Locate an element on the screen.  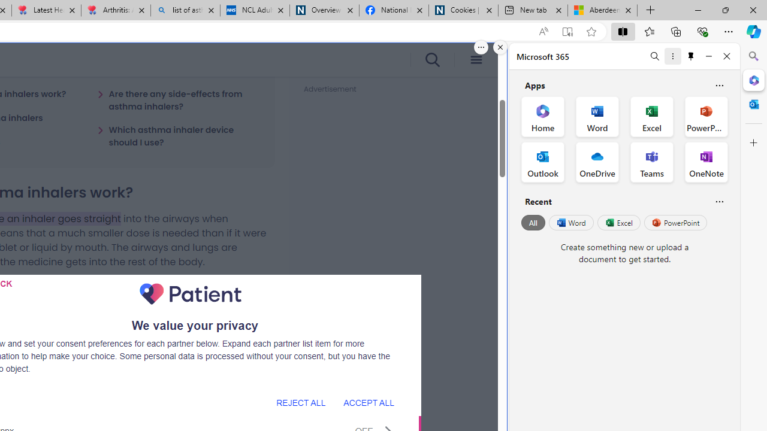
'Publisher Logo' is located at coordinates (190, 294).